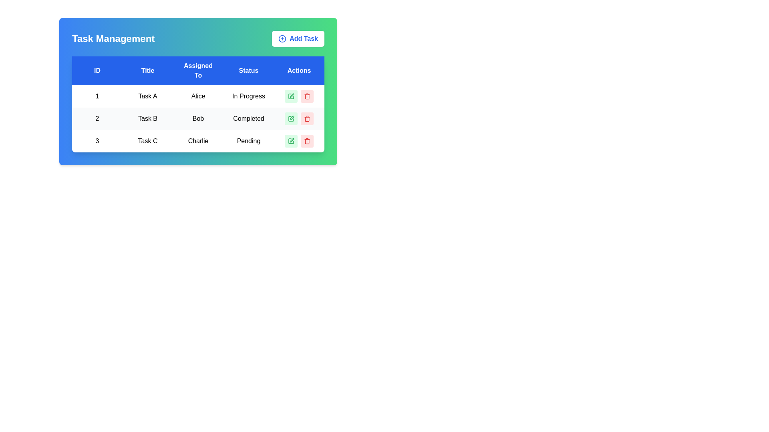  I want to click on the edit button in the 'Actions' column for 'Task C' assigned to 'Charlie' and with 'Pending' status to initiate editing, so click(299, 141).